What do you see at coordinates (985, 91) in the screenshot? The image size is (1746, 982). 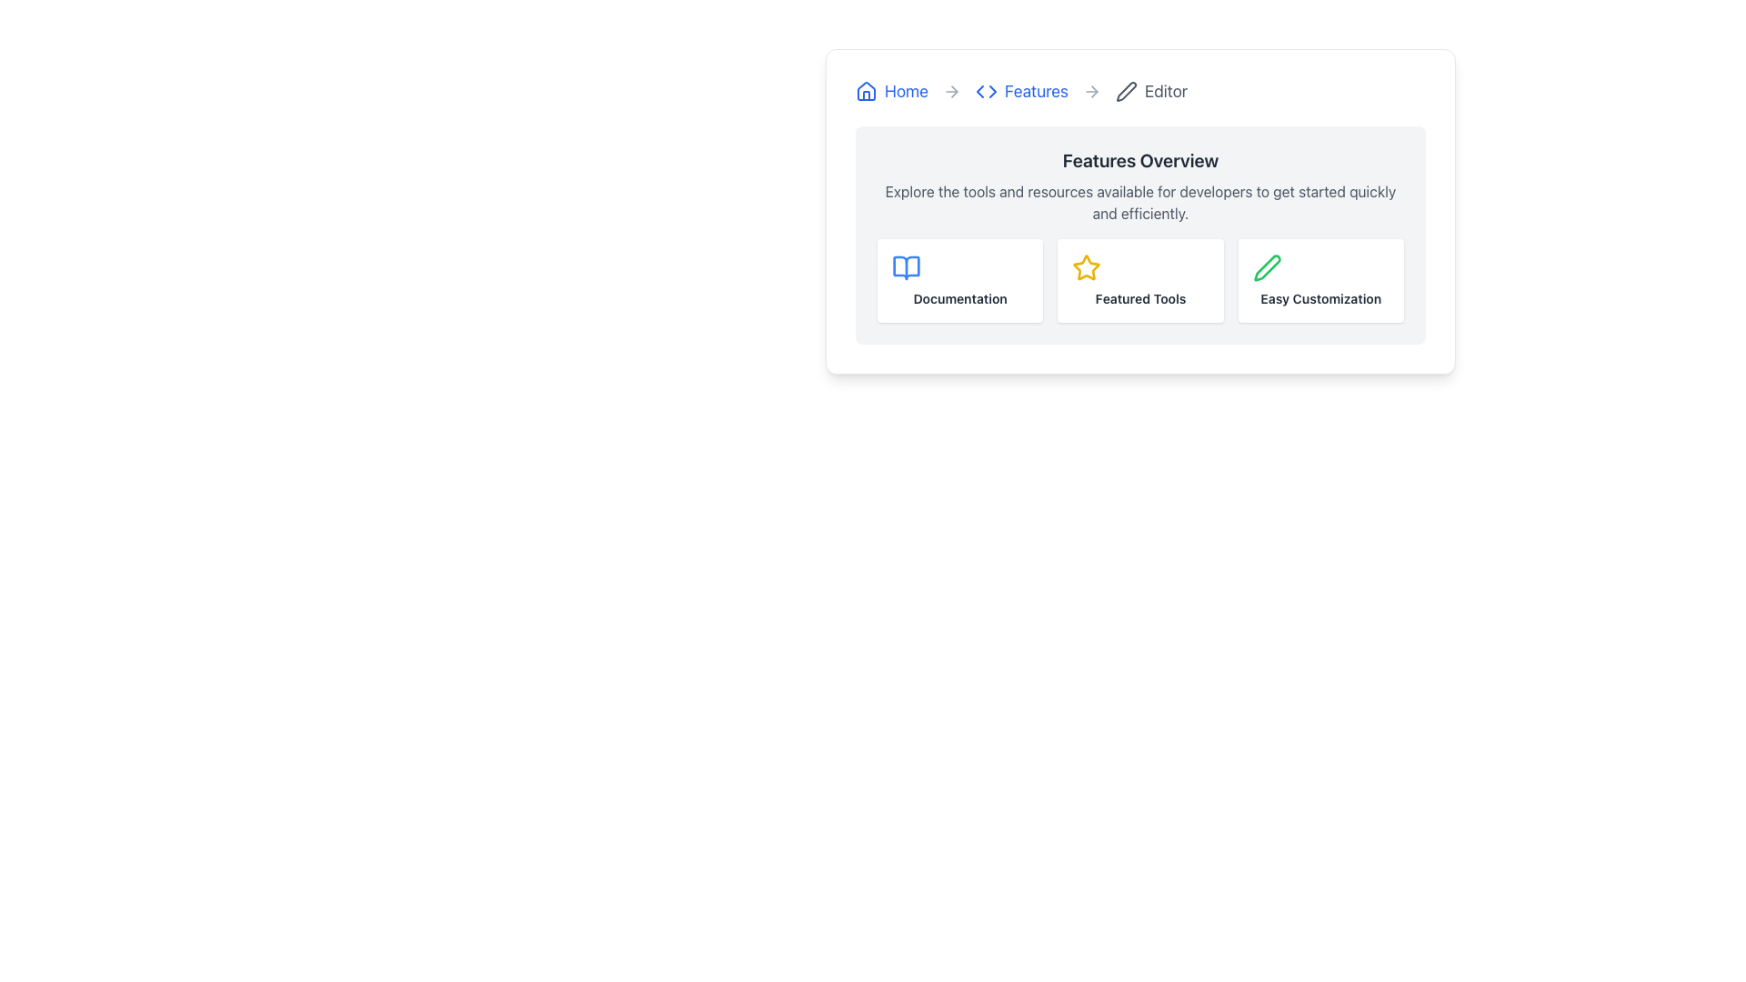 I see `the decorative 'Features' icon in the breadcrumb navigation bar, located between 'Home' and 'Editor'` at bounding box center [985, 91].